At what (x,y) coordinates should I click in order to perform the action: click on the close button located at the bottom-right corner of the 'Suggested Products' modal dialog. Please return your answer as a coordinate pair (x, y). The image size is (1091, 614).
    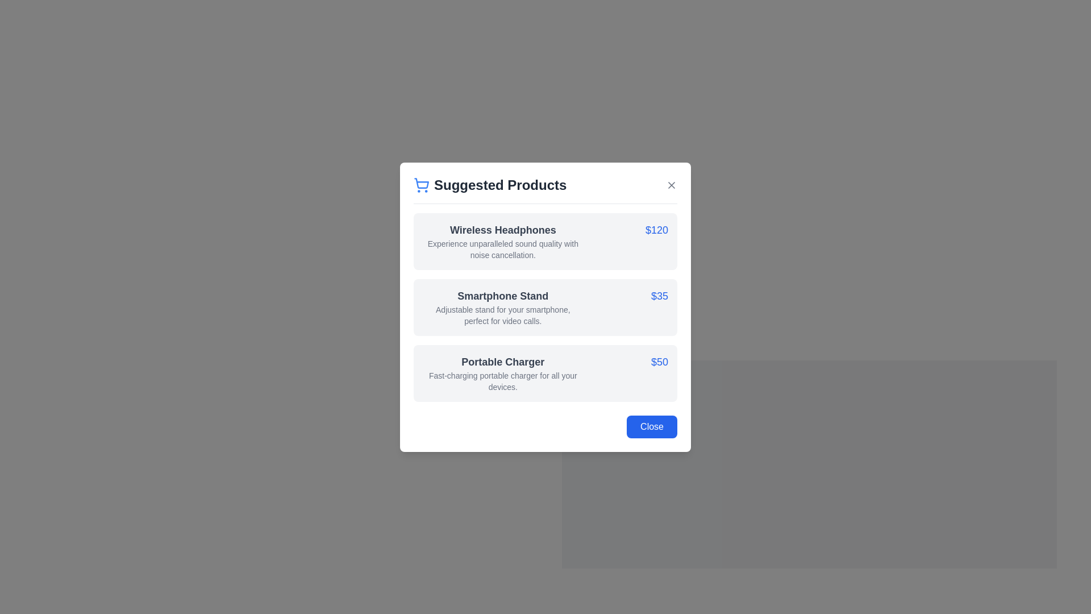
    Looking at the image, I should click on (652, 426).